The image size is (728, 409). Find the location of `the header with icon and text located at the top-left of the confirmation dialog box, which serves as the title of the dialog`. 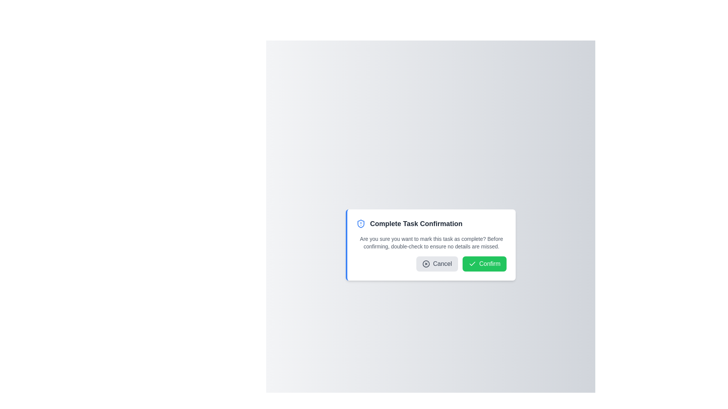

the header with icon and text located at the top-left of the confirmation dialog box, which serves as the title of the dialog is located at coordinates (431, 223).